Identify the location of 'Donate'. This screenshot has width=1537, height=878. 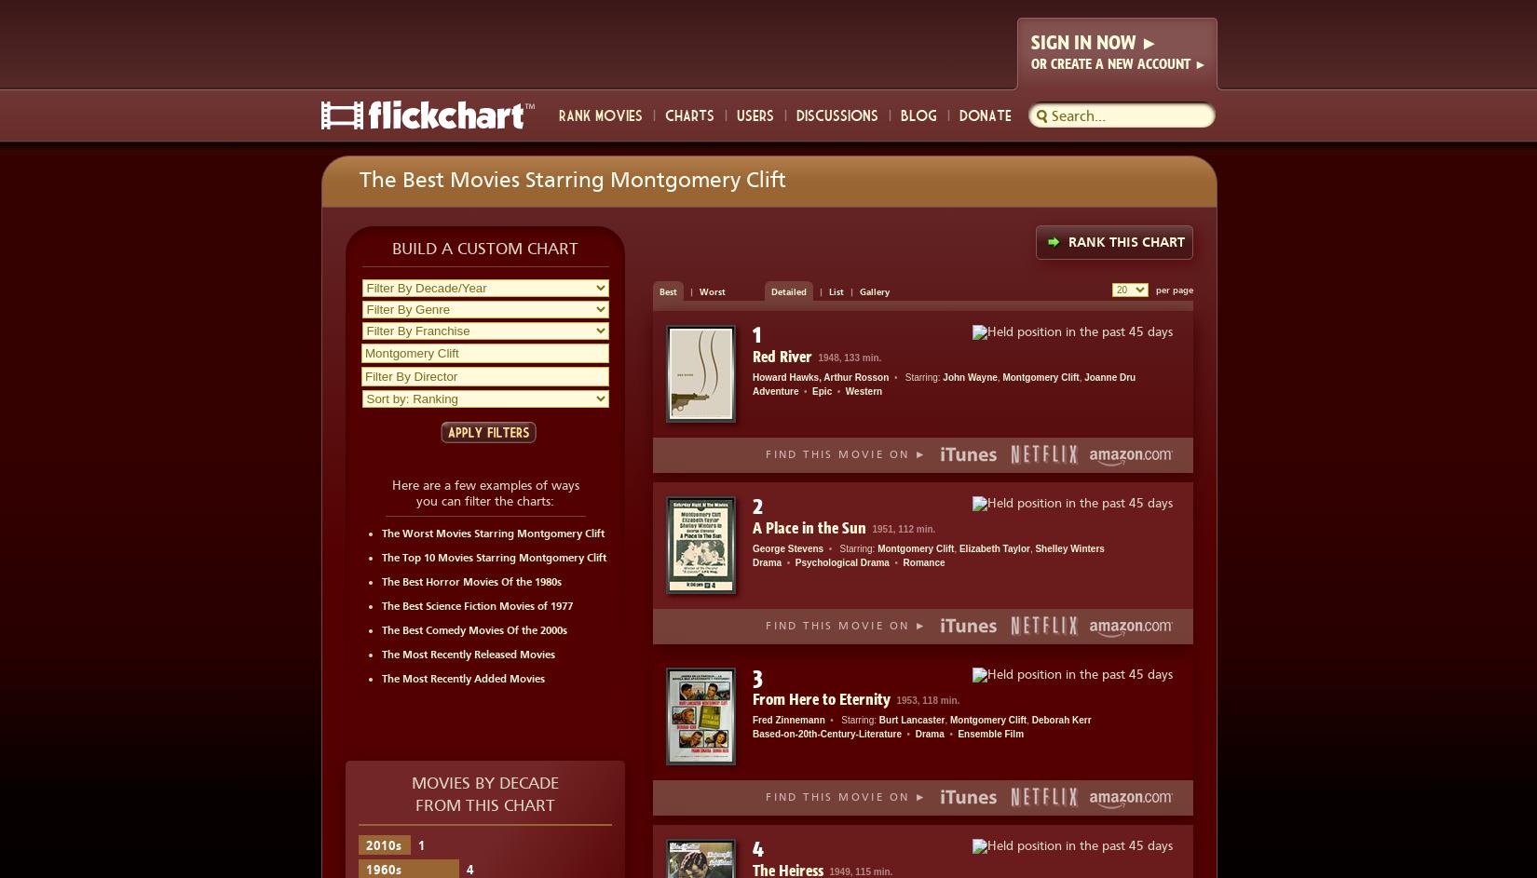
(959, 114).